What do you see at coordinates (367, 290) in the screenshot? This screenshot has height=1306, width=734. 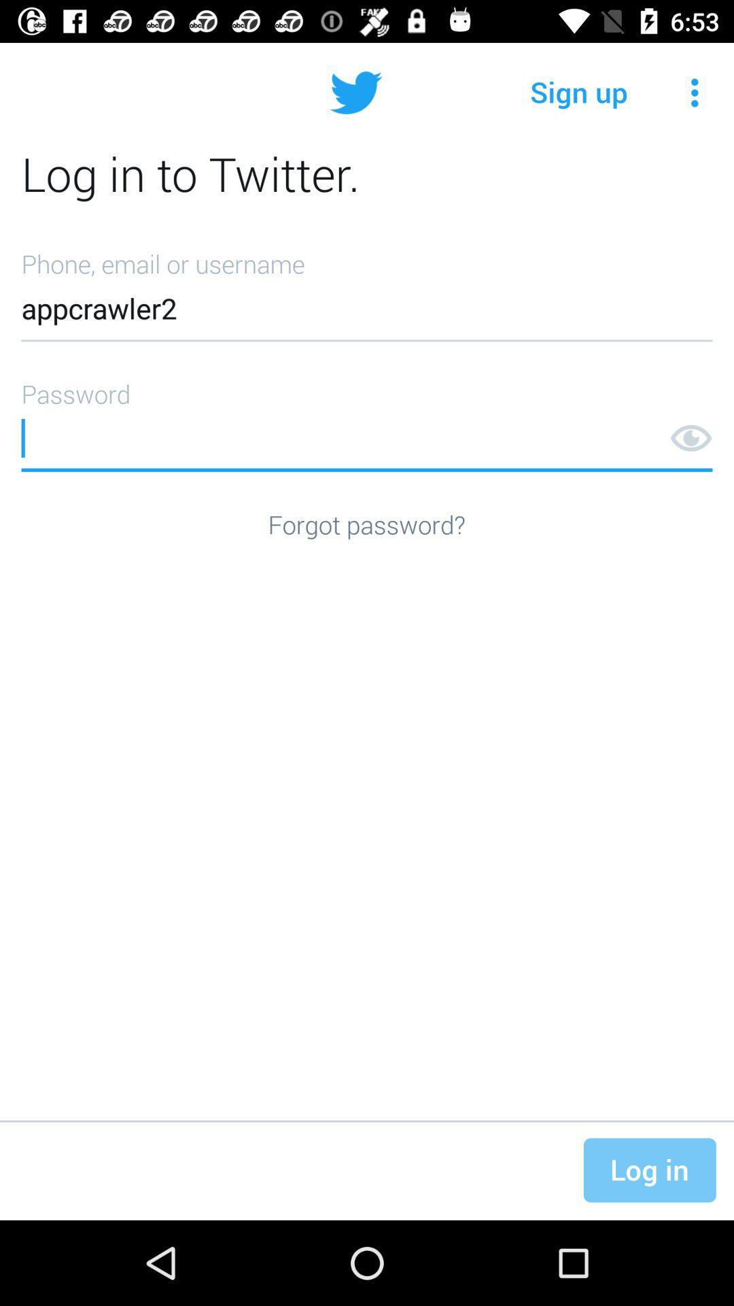 I see `appcrawler2 item` at bounding box center [367, 290].